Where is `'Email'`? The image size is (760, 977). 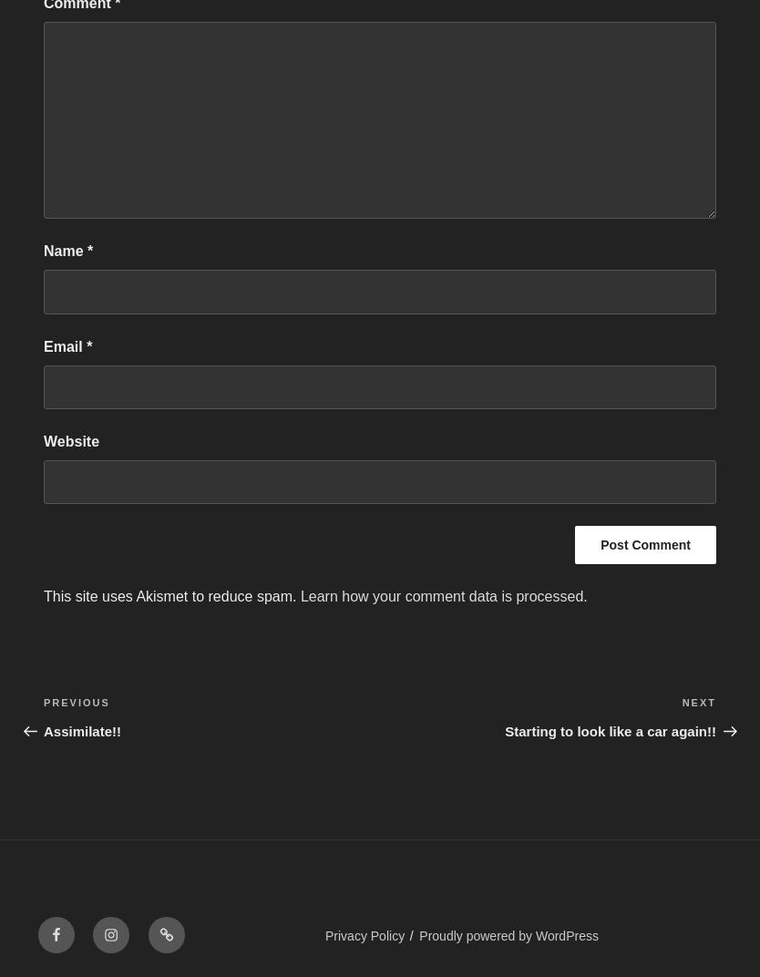
'Email' is located at coordinates (64, 345).